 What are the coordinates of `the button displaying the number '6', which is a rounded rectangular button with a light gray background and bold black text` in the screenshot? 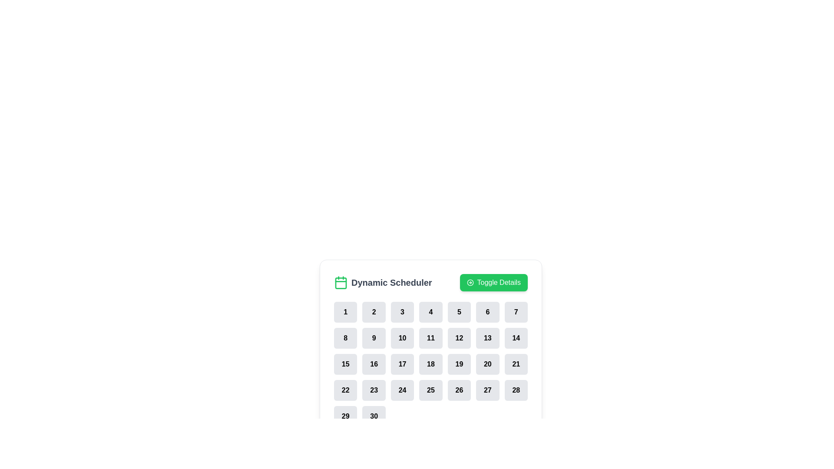 It's located at (487, 311).